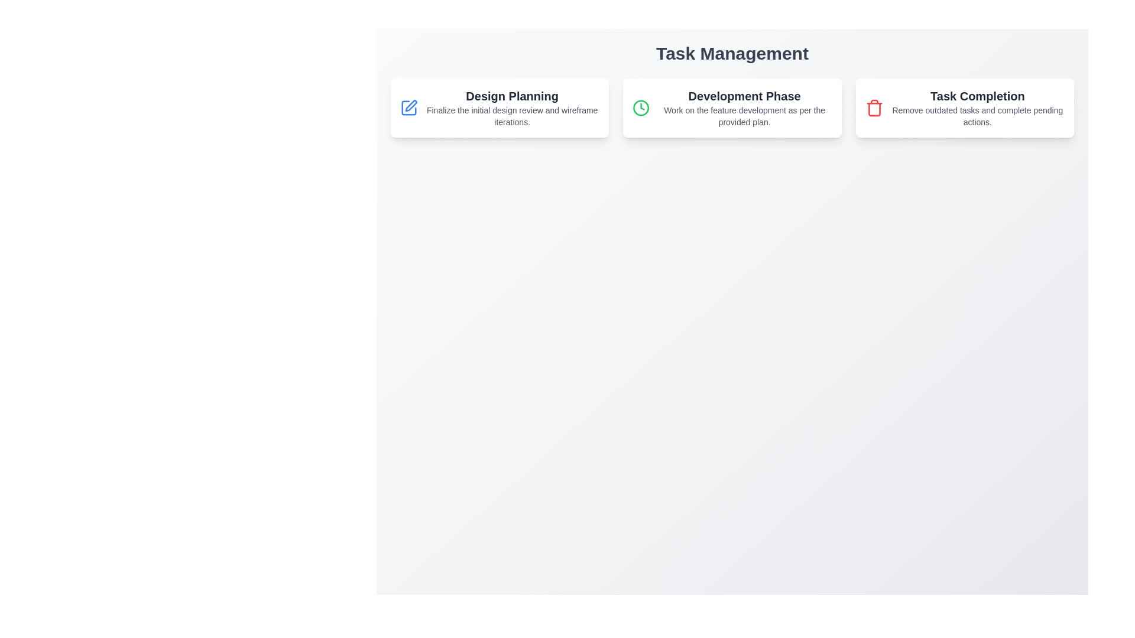 The width and height of the screenshot is (1135, 638). Describe the element at coordinates (744, 108) in the screenshot. I see `the informational text block titled 'Development Phase' which includes the description 'Work on the feature development as per the provided plan.'` at that location.